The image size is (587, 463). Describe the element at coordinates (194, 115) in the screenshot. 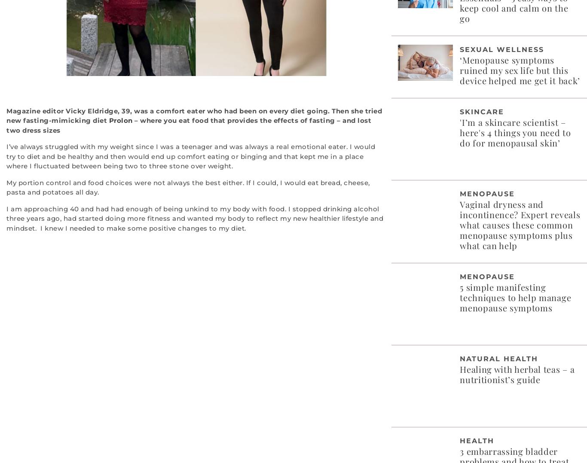

I see `'Magazine editor Vicky Eldridge, 39, was a comfort eater who had been on every diet going. Then she tried new fasting-mimicking diet'` at that location.